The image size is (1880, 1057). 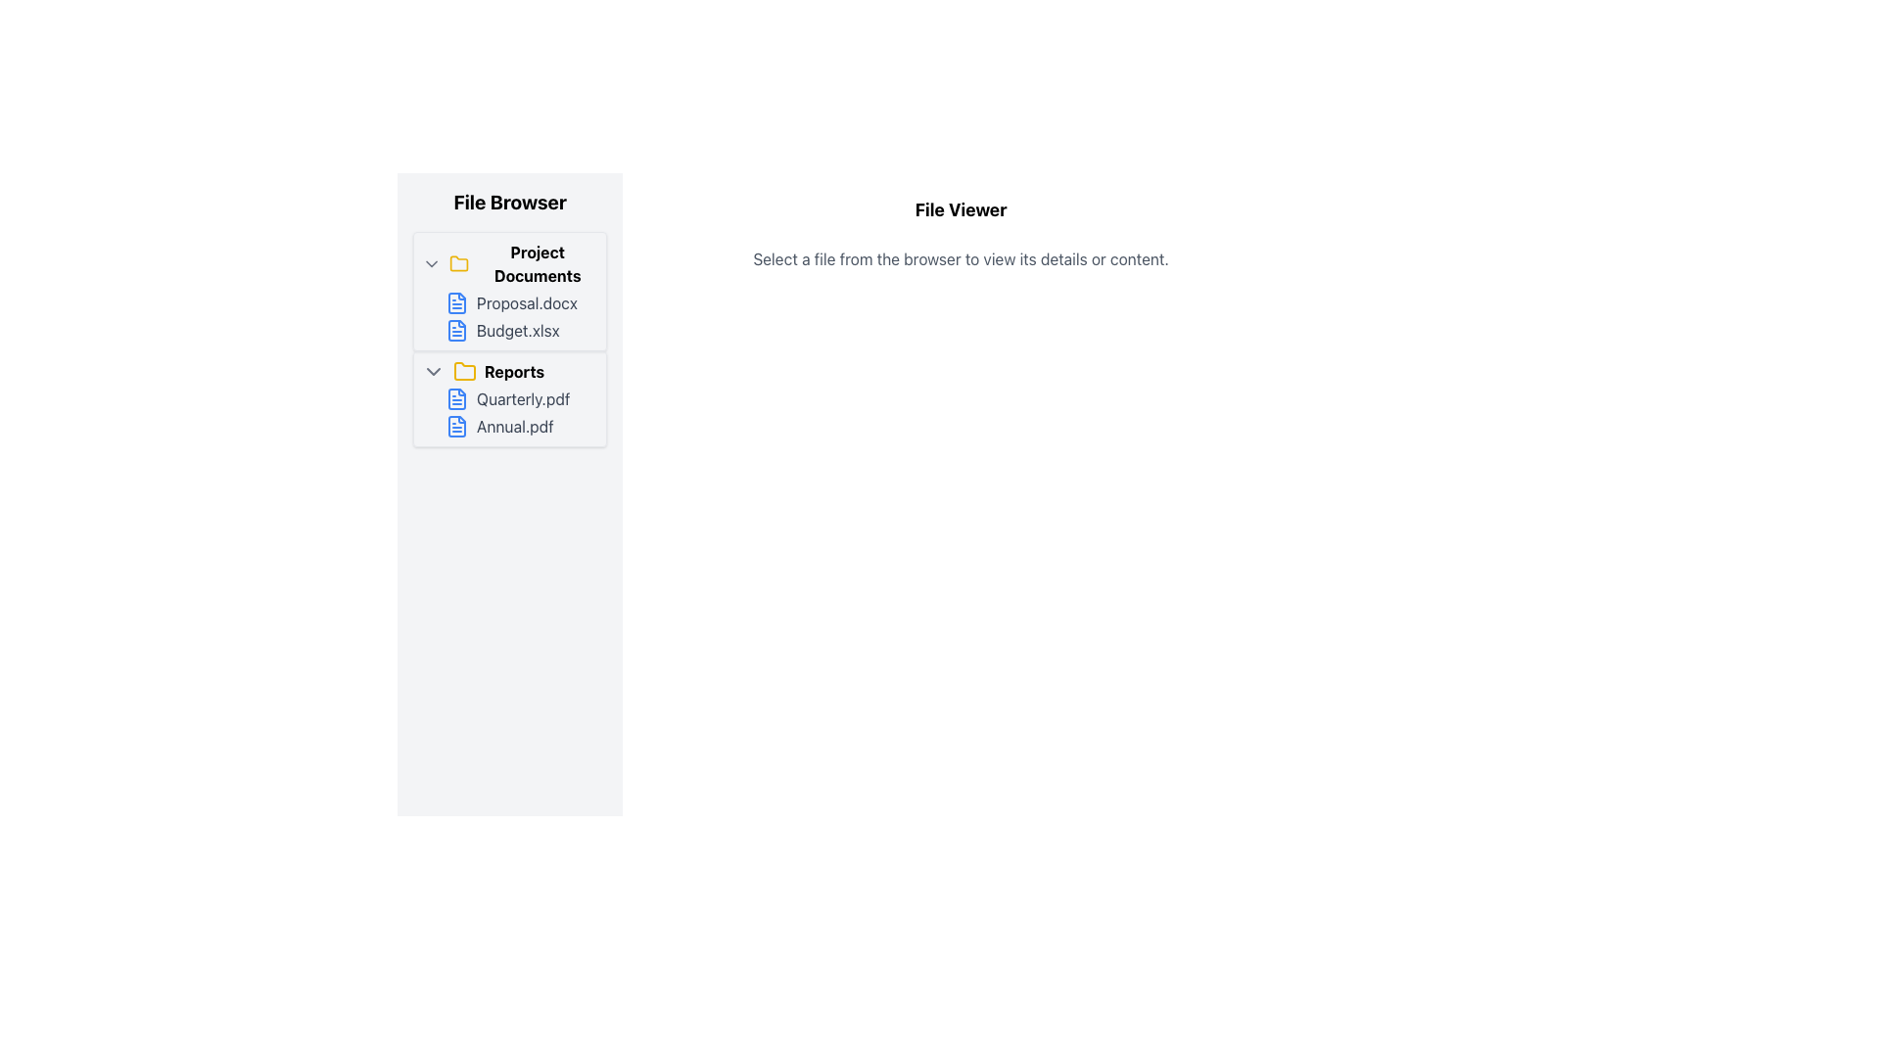 What do you see at coordinates (455, 330) in the screenshot?
I see `the file icon representing 'Budget.xlsx'` at bounding box center [455, 330].